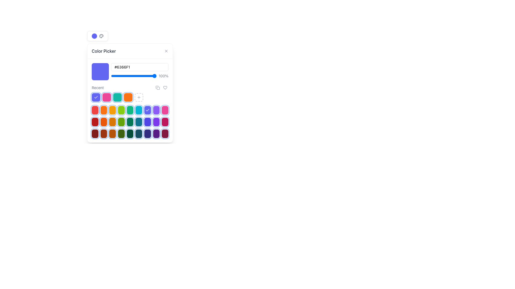 The width and height of the screenshot is (515, 289). I want to click on the small, square button with a bold purple background located in the eighth position of the color options in the color picker dialogue to observe its interaction effect, so click(156, 122).